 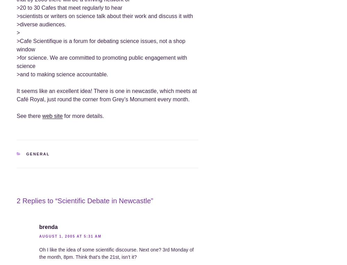 What do you see at coordinates (101, 44) in the screenshot?
I see `'>Cafe Scientifique is a forum for debating science issues, not a shop window'` at bounding box center [101, 44].